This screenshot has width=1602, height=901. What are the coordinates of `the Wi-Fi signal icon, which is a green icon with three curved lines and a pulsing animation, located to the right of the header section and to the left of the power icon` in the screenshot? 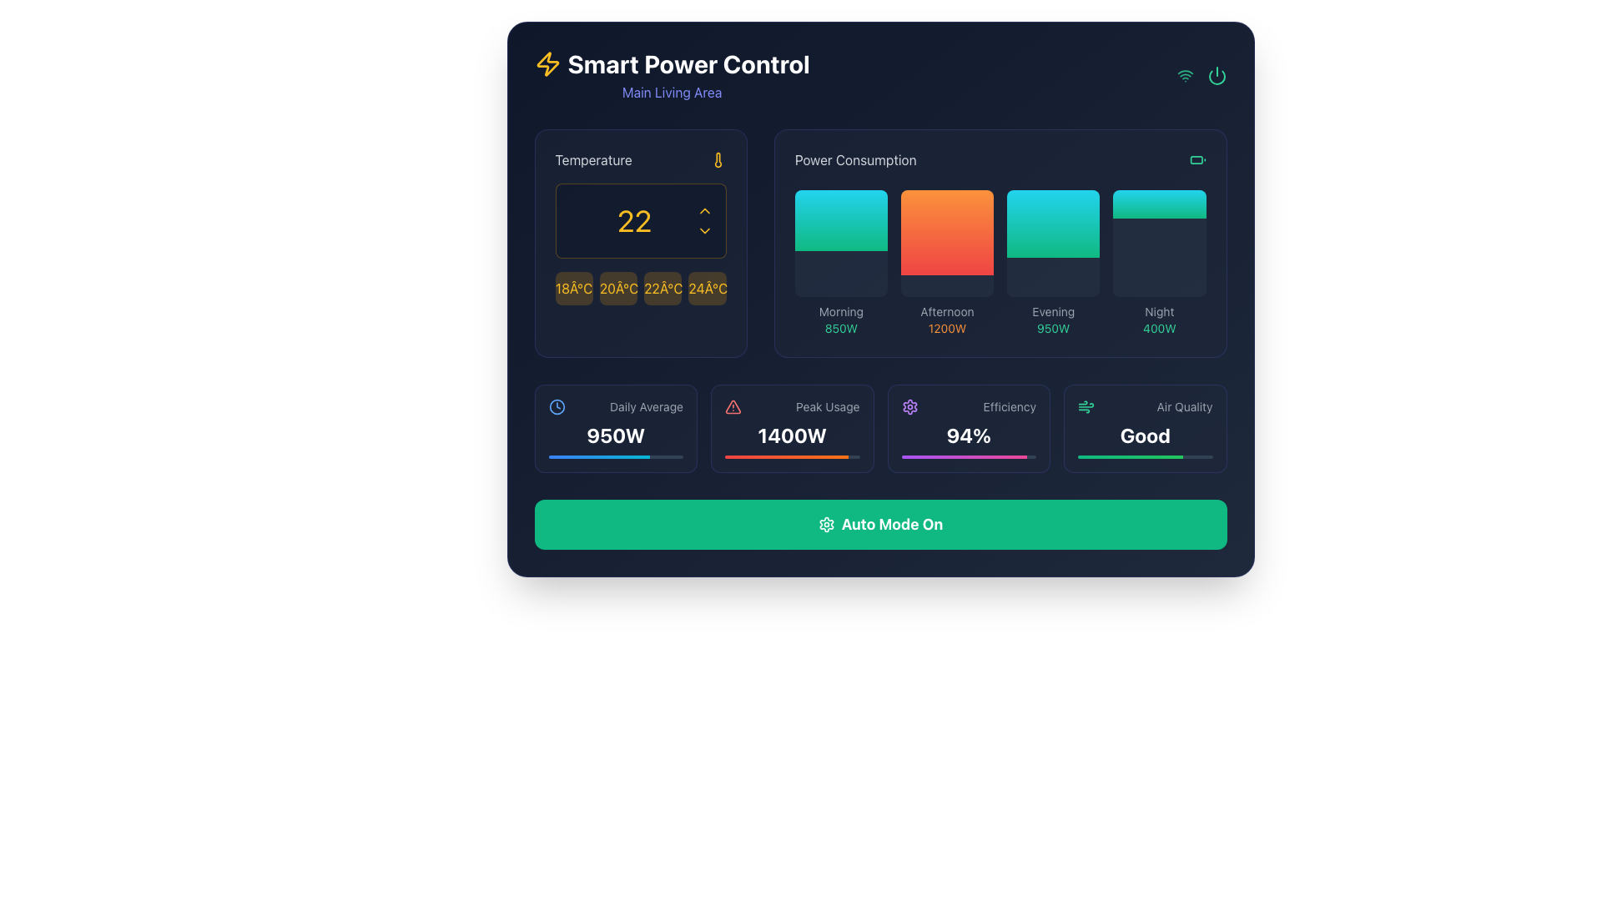 It's located at (1184, 76).